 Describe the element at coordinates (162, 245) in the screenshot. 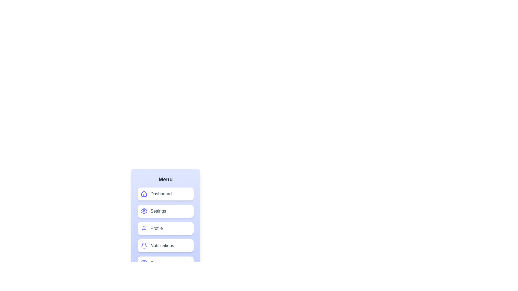

I see `the 'Notifications' text label, which is the fourth menu item in the vertical list, styled in medium font size and dark gray color` at that location.